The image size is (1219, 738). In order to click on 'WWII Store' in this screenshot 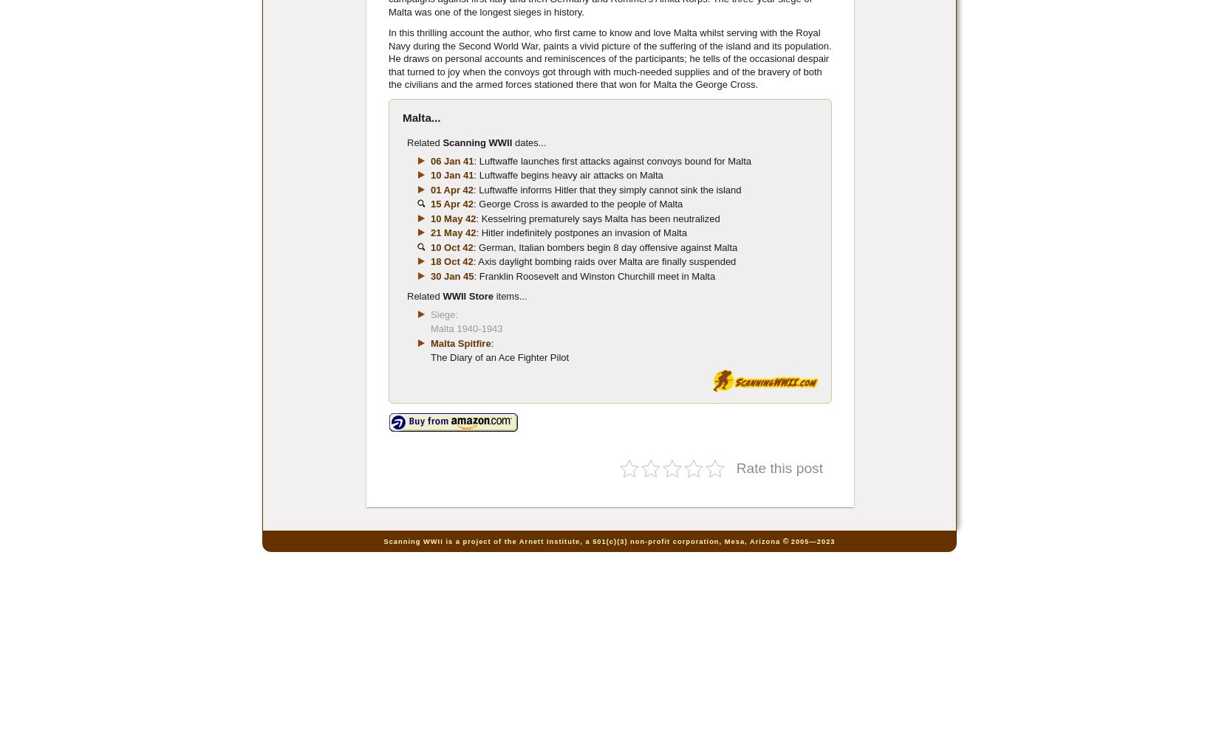, I will do `click(467, 296)`.